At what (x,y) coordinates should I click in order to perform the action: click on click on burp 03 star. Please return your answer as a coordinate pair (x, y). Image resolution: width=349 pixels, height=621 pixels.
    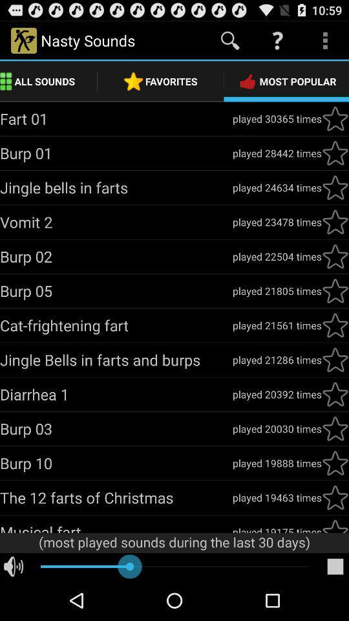
    Looking at the image, I should click on (335, 428).